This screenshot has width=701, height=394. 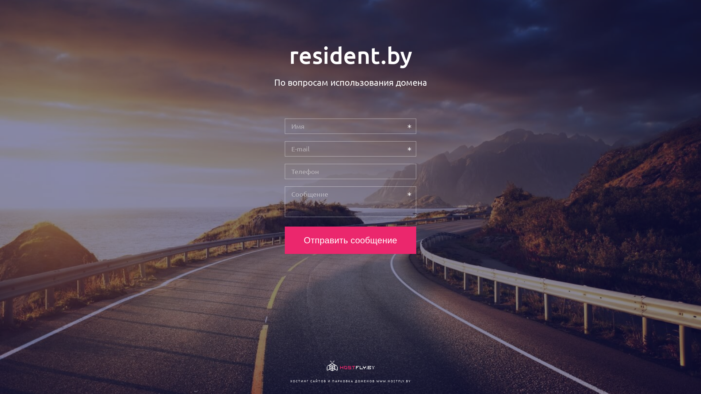 I want to click on 'WWW.HOSTFLY.BY', so click(x=376, y=381).